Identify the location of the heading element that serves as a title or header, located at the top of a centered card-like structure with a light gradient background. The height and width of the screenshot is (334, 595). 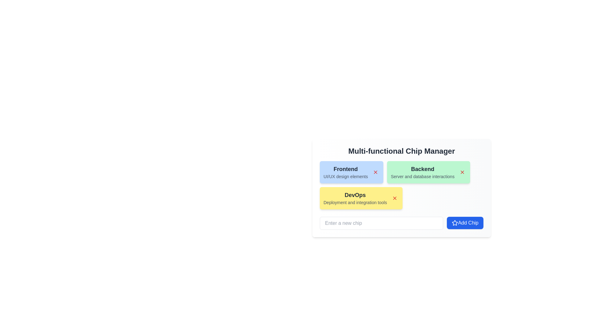
(402, 151).